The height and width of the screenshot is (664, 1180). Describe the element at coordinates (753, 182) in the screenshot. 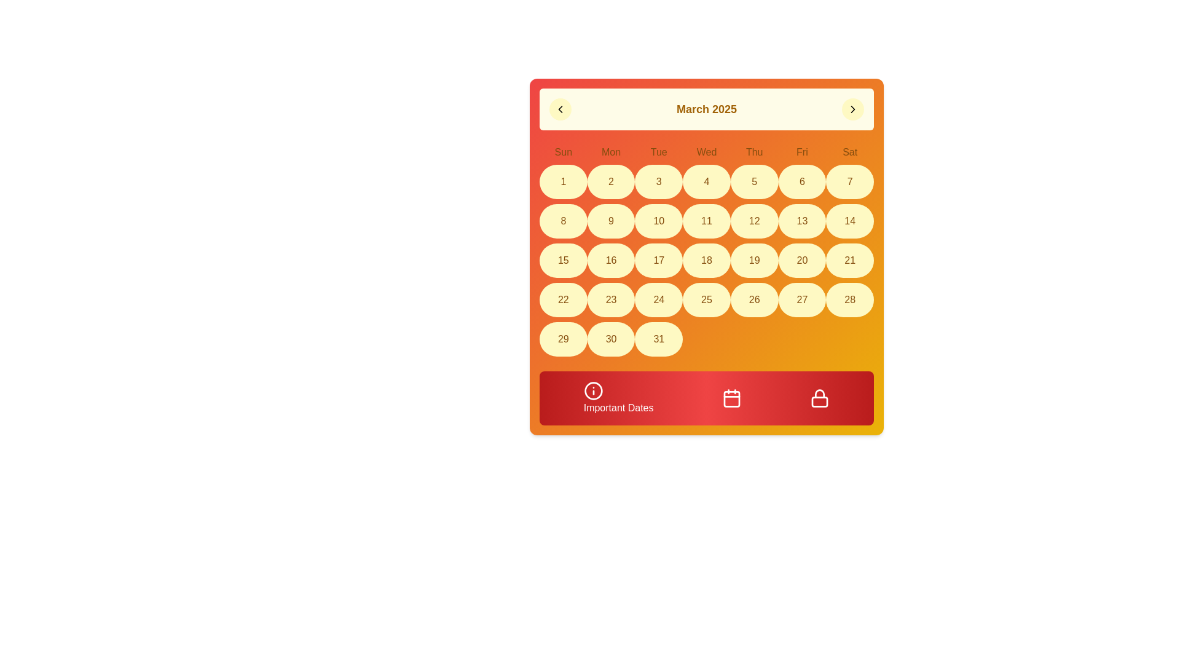

I see `the circular button with a beige background and the digit '5' in the first row of the calendar grid under the column labeled 'Thu'` at that location.